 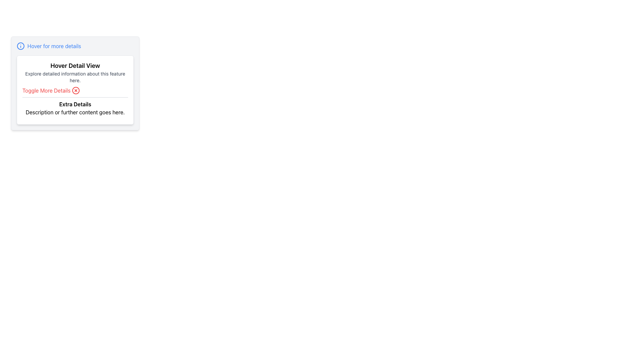 What do you see at coordinates (51, 90) in the screenshot?
I see `the 'Toggle More Details' button, which is a text-based clickable component in red color with an 'X' icon, located at the bottom of the 'Hover Detail View' heading` at bounding box center [51, 90].